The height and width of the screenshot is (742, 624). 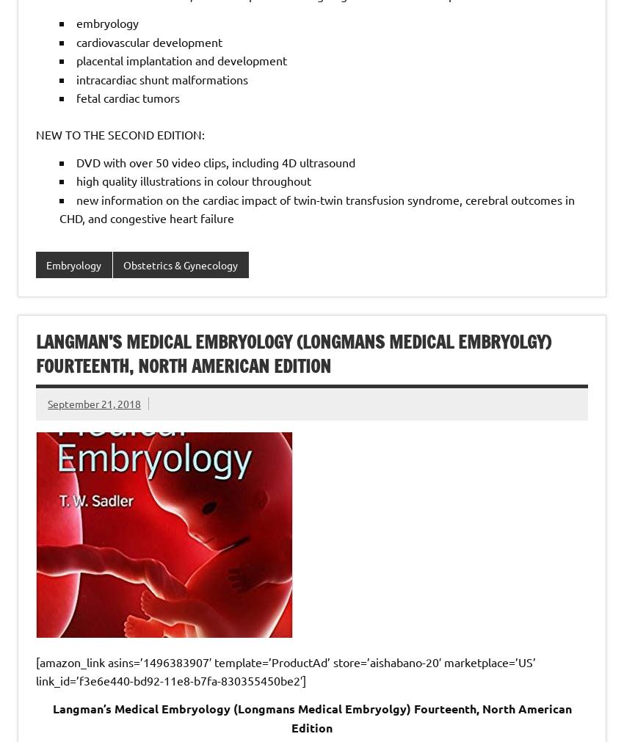 What do you see at coordinates (162, 77) in the screenshot?
I see `'intracardiac shunt malformations'` at bounding box center [162, 77].